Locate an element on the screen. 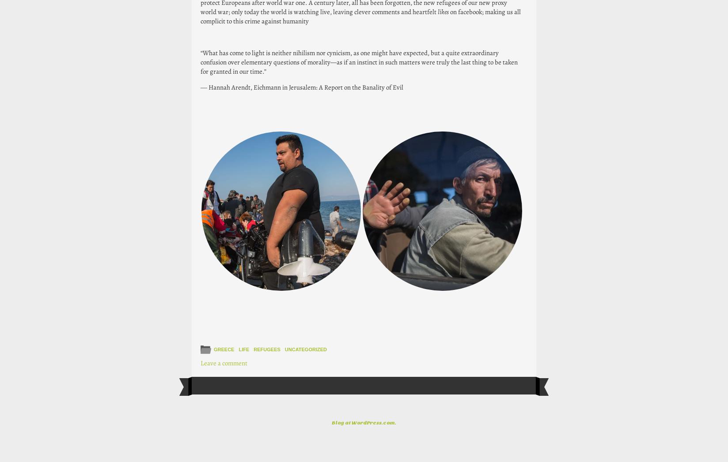 Image resolution: width=728 pixels, height=462 pixels. 'likes' is located at coordinates (437, 11).